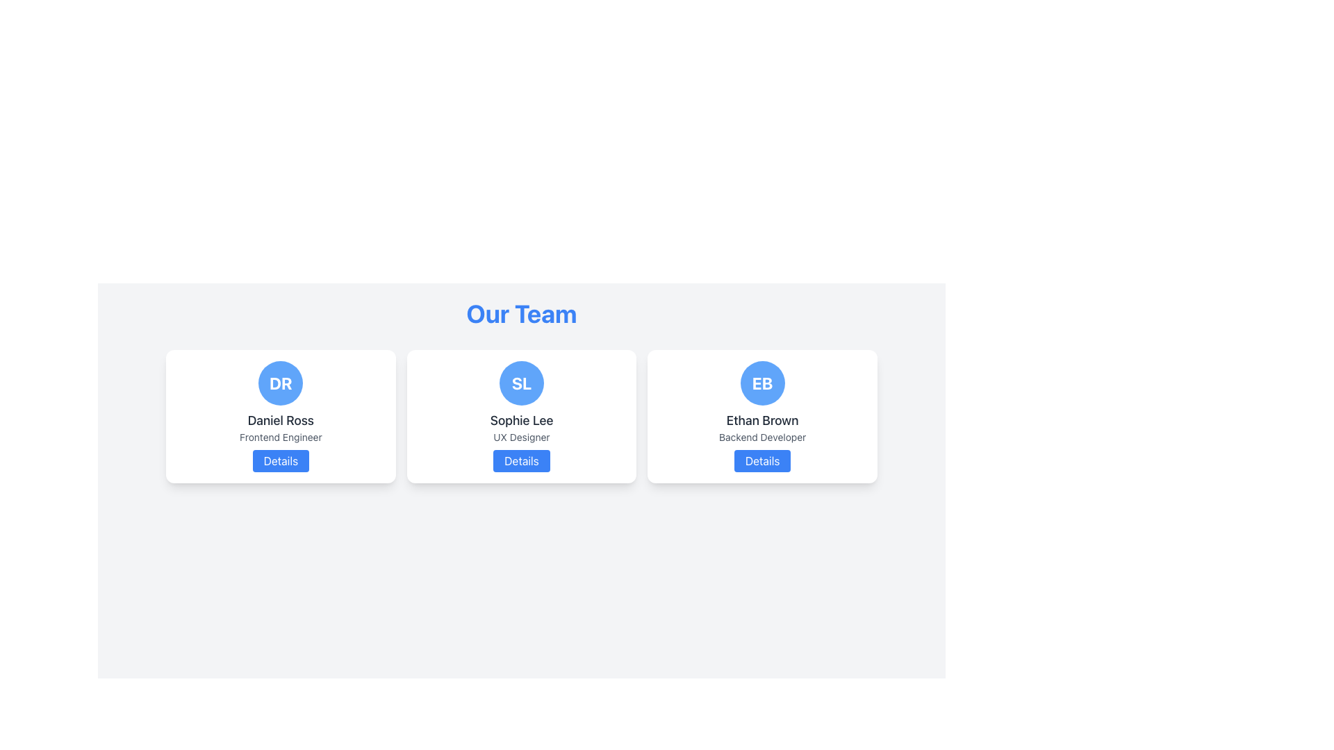 This screenshot has width=1334, height=750. Describe the element at coordinates (761, 436) in the screenshot. I see `the static text label reading 'Backend Developer', which is styled in gray and located below 'Ethan Brown' and above the 'Details' button` at that location.